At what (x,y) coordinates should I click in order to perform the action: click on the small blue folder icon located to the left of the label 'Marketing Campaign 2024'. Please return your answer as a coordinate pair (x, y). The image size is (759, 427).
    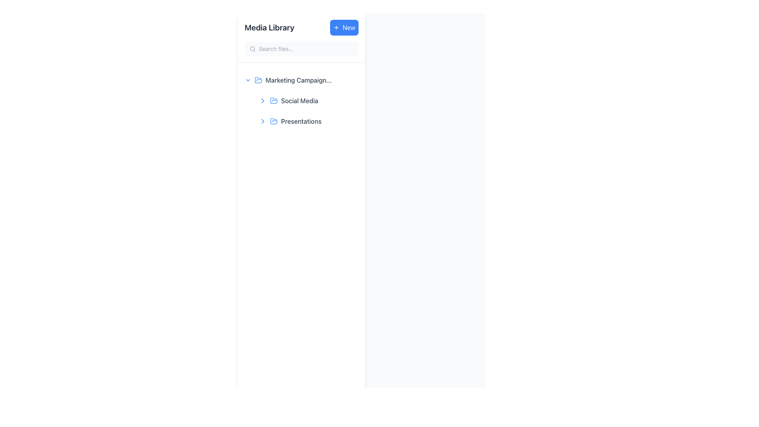
    Looking at the image, I should click on (258, 80).